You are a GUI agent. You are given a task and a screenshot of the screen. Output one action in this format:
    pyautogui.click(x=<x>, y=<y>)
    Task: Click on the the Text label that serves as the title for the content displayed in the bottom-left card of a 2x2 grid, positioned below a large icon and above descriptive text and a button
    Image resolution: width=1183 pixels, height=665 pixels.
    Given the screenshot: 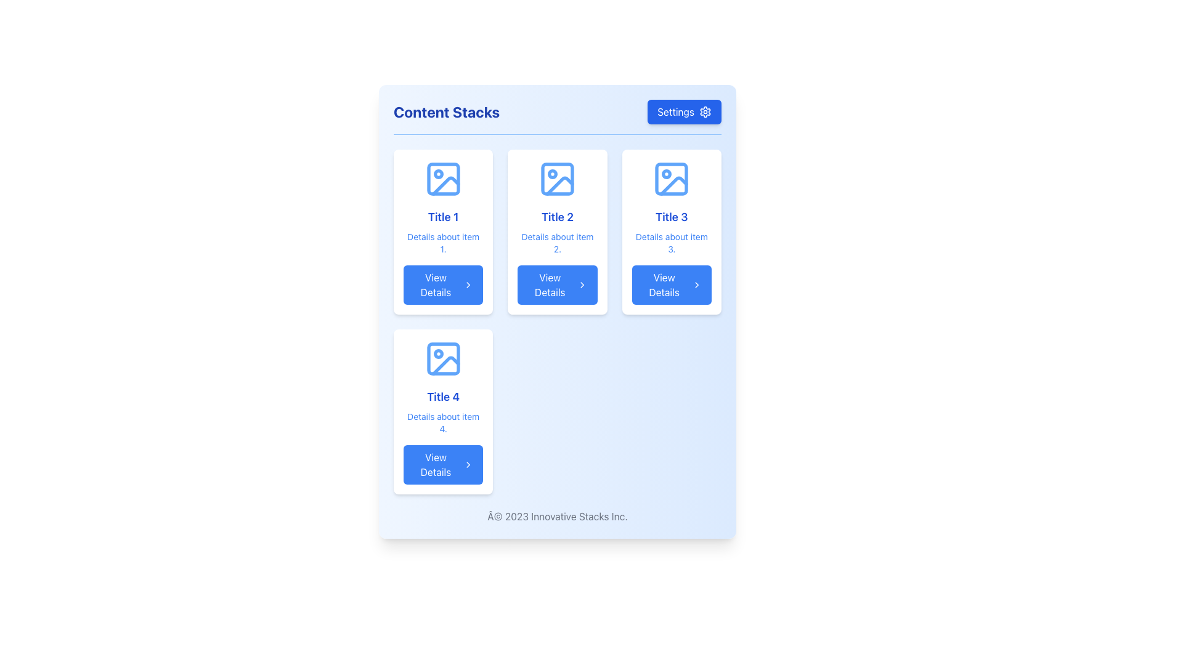 What is the action you would take?
    pyautogui.click(x=443, y=397)
    